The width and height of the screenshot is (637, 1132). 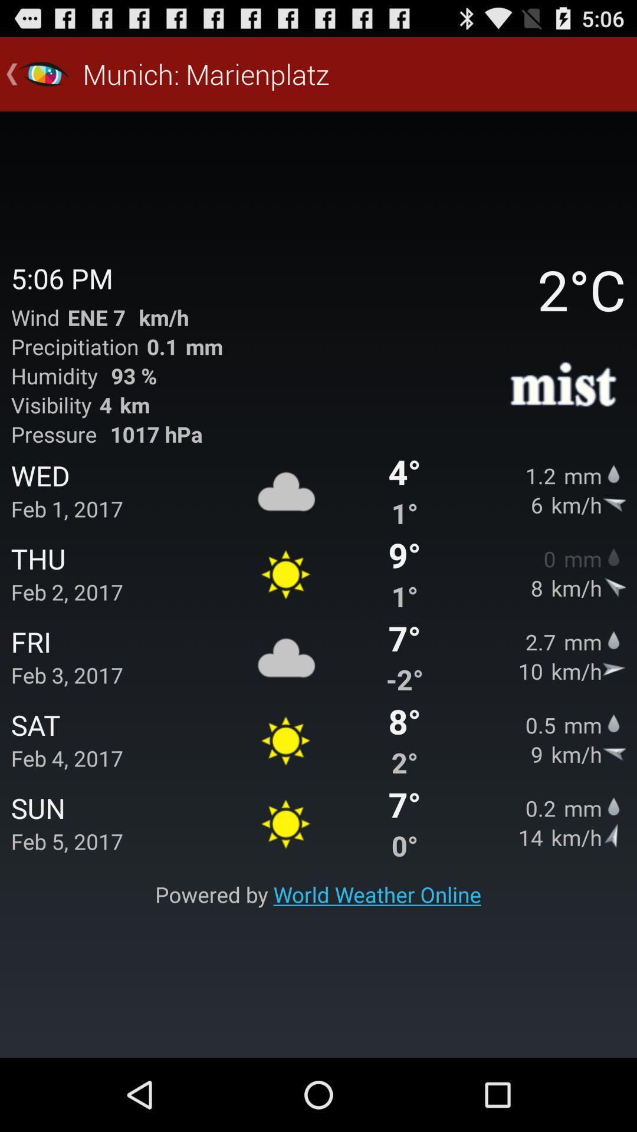 I want to click on the text below feb 5 2017, so click(x=317, y=894).